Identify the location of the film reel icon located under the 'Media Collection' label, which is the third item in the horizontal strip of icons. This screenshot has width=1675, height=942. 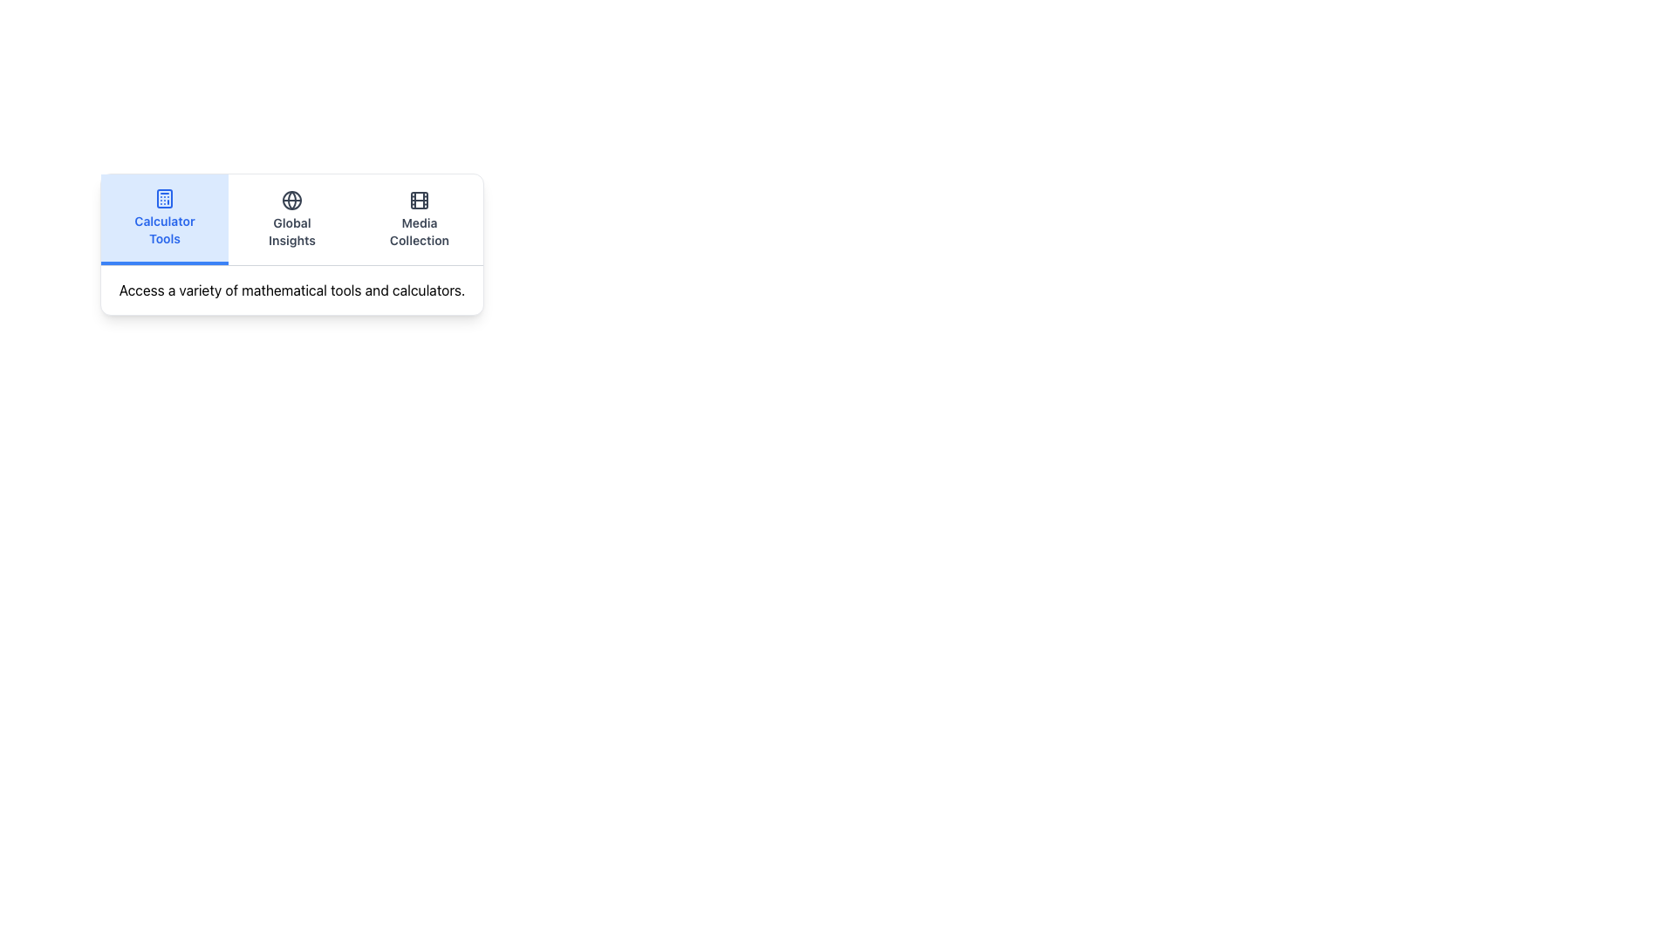
(419, 200).